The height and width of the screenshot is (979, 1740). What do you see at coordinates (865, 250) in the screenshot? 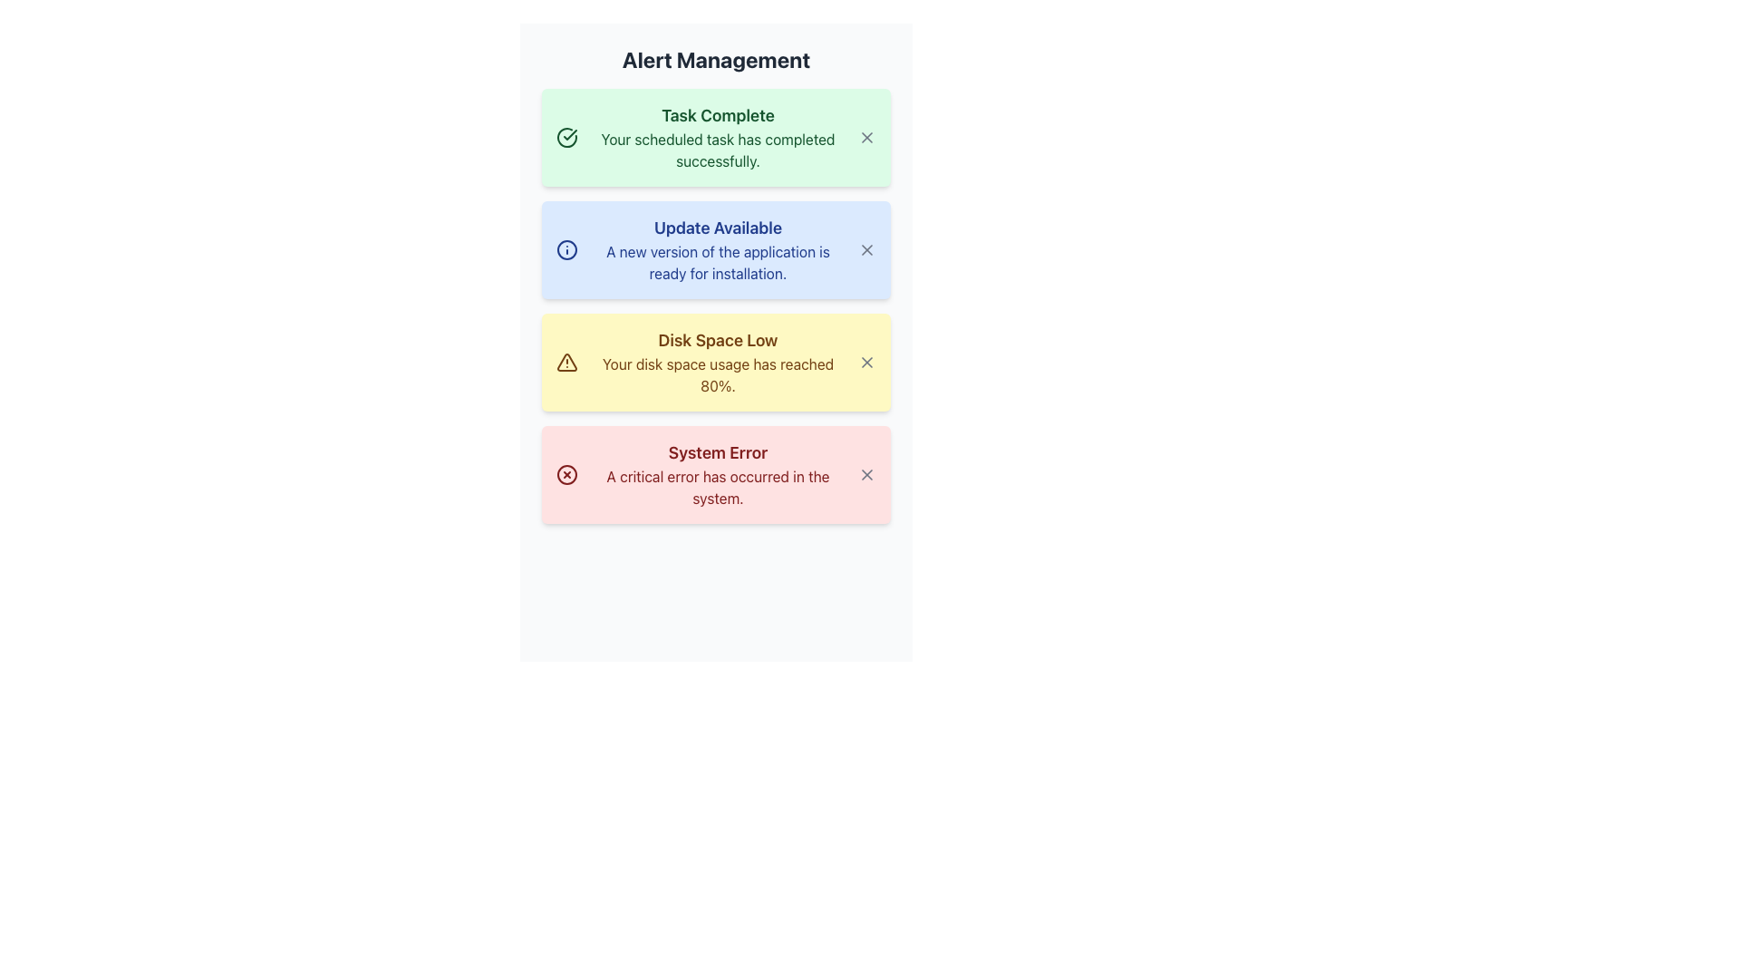
I see `the close button located at the top-right corner of the 'Update Available' alert box` at bounding box center [865, 250].